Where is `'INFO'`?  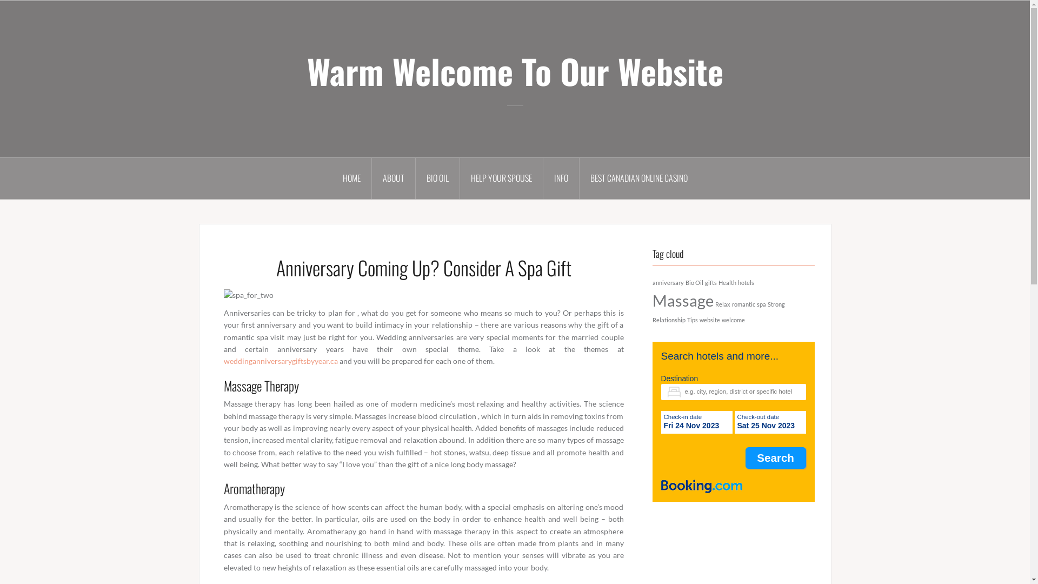
'INFO' is located at coordinates (561, 178).